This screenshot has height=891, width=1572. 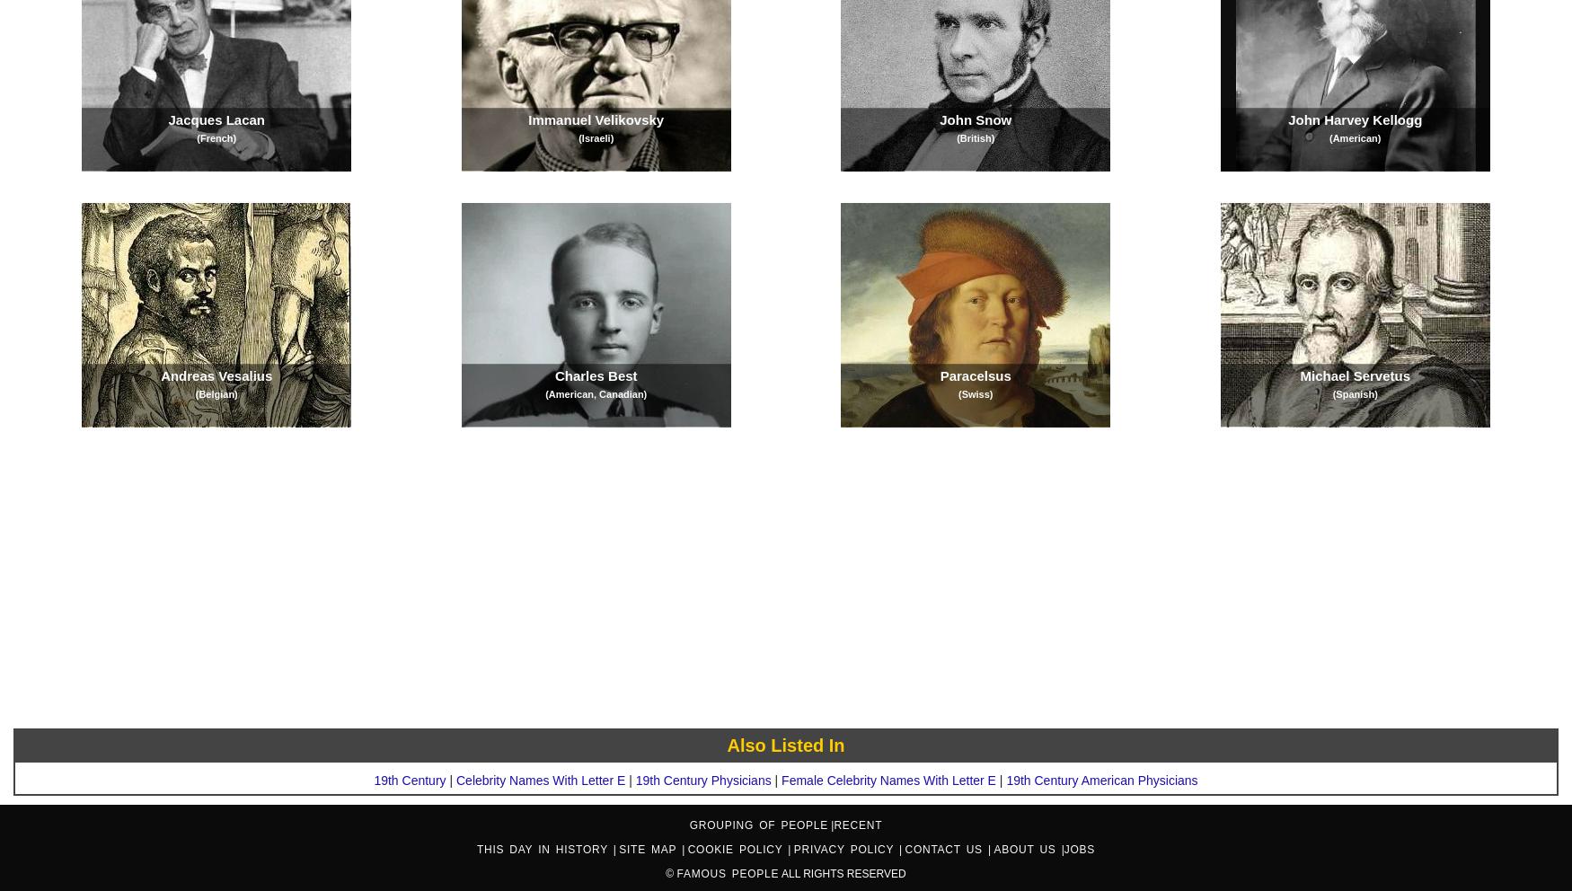 I want to click on 'Celebrity Names With Letter E', so click(x=454, y=779).